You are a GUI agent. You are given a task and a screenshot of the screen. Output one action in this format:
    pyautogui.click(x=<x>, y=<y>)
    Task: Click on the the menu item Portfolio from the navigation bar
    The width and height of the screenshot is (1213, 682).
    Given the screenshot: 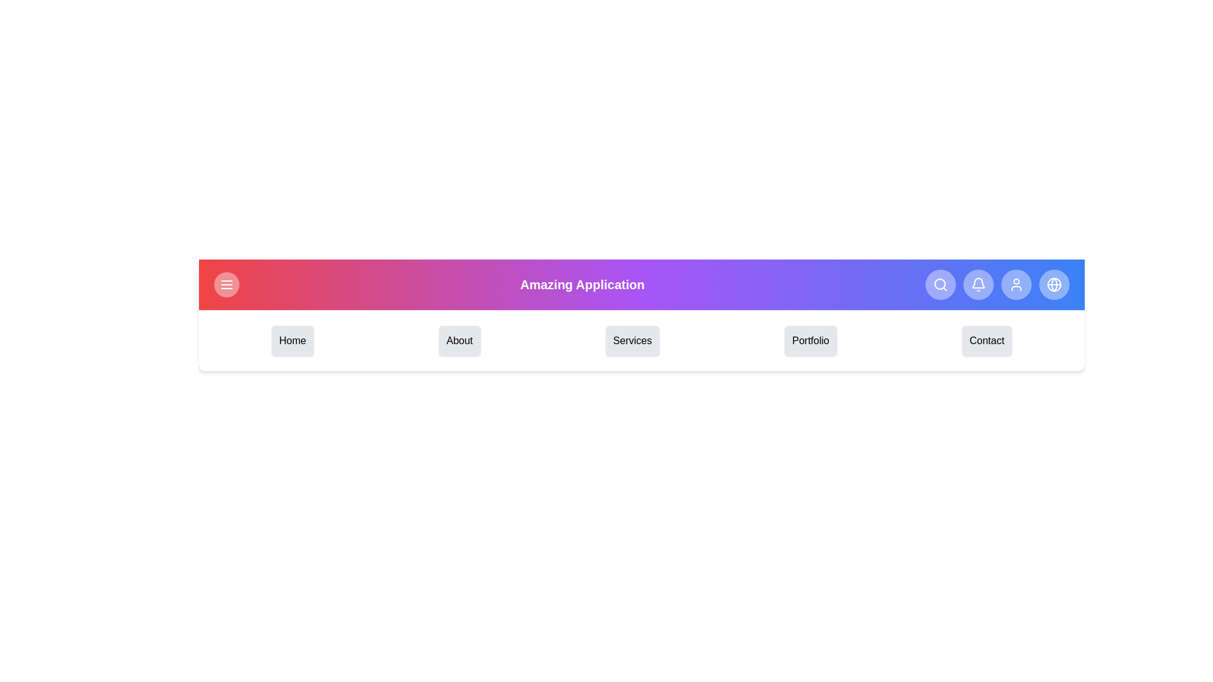 What is the action you would take?
    pyautogui.click(x=810, y=341)
    